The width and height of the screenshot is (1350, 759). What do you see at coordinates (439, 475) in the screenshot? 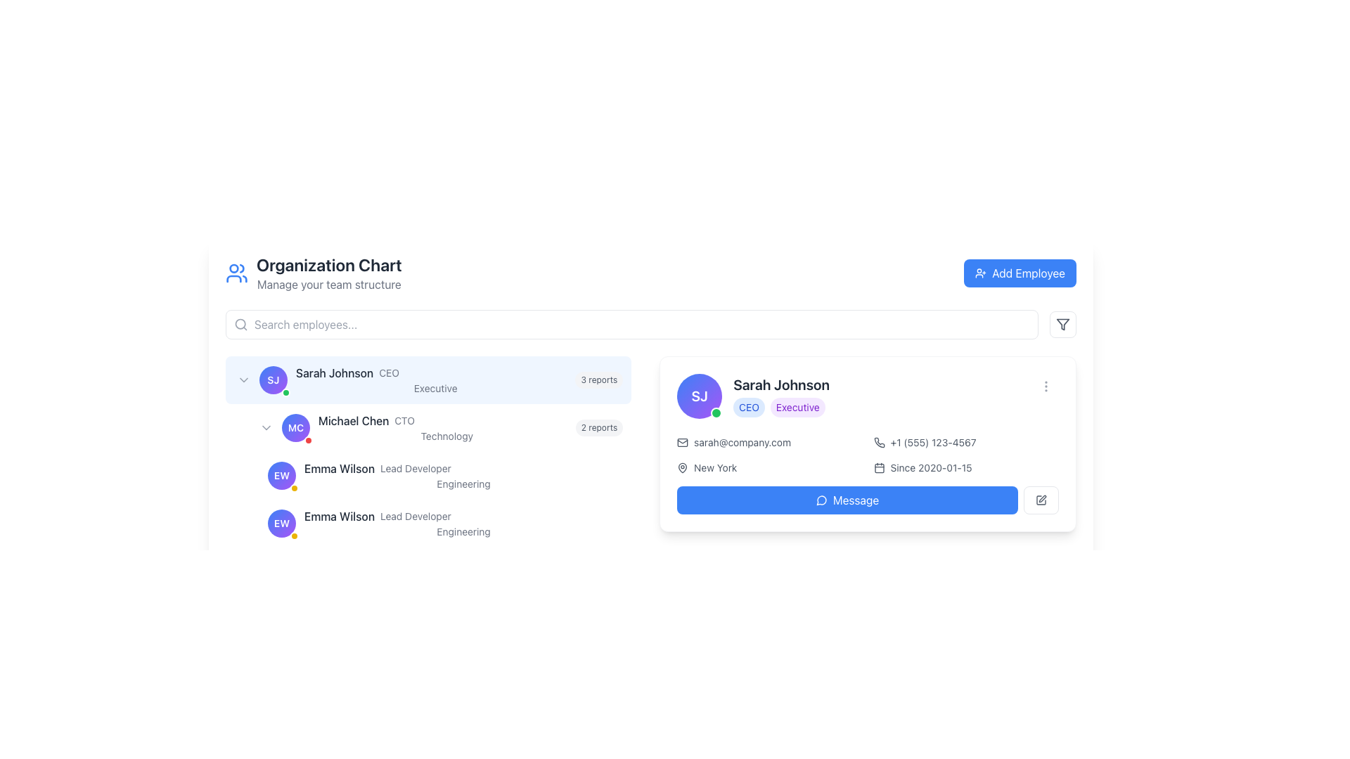
I see `the user entry for 'Emma Wilson', which includes the profile badge with initials 'EW', the name in bold, and the position along with the department` at bounding box center [439, 475].